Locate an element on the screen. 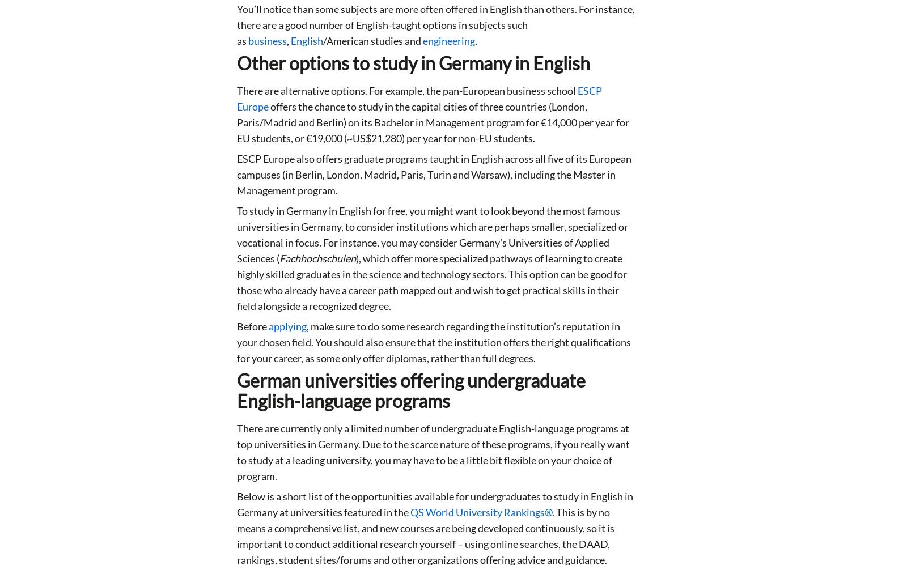 This screenshot has height=565, width=907. 'There are currently only a limited number of undergraduate English-language programs at top universities in Germany. Due to the scarce nature of these programs, if you really want to study at a leading university, you may have to be a little bit flexible on your choice of program.' is located at coordinates (433, 451).